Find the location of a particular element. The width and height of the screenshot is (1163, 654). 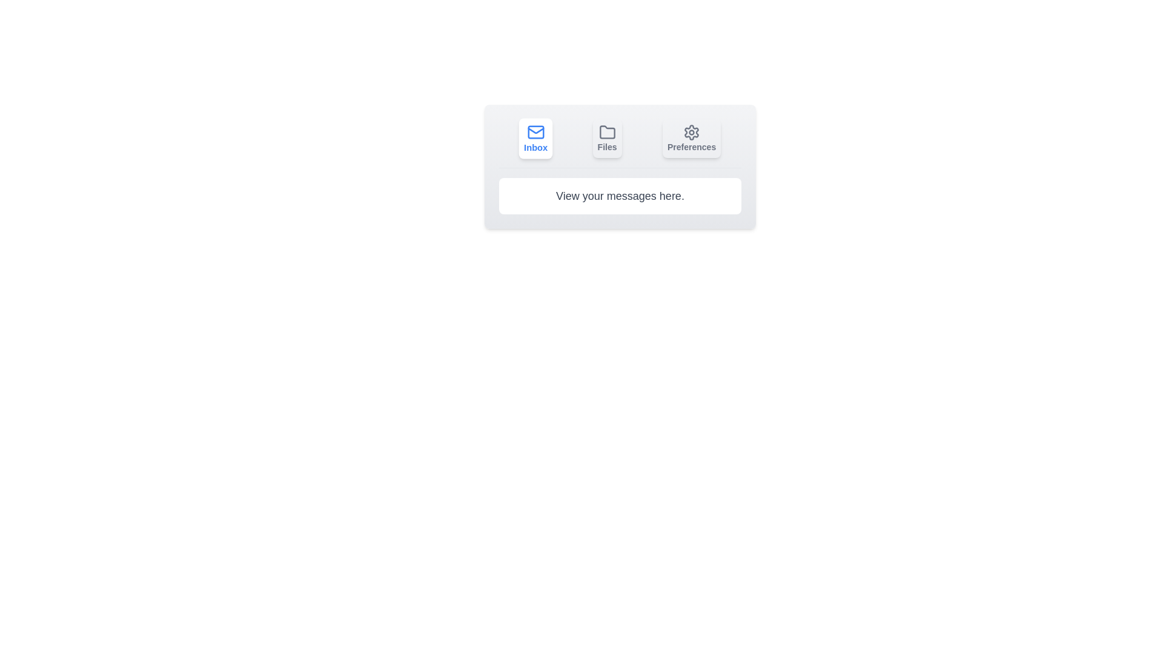

the folder icon located under the 'Files' label is located at coordinates (607, 133).